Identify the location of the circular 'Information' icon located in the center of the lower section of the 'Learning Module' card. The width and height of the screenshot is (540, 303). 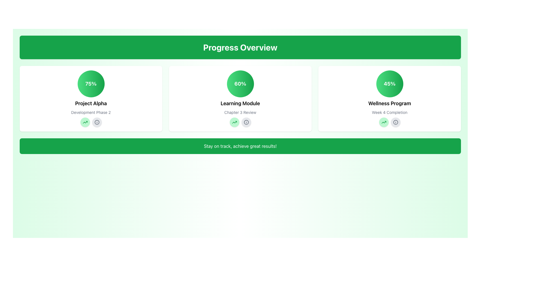
(246, 122).